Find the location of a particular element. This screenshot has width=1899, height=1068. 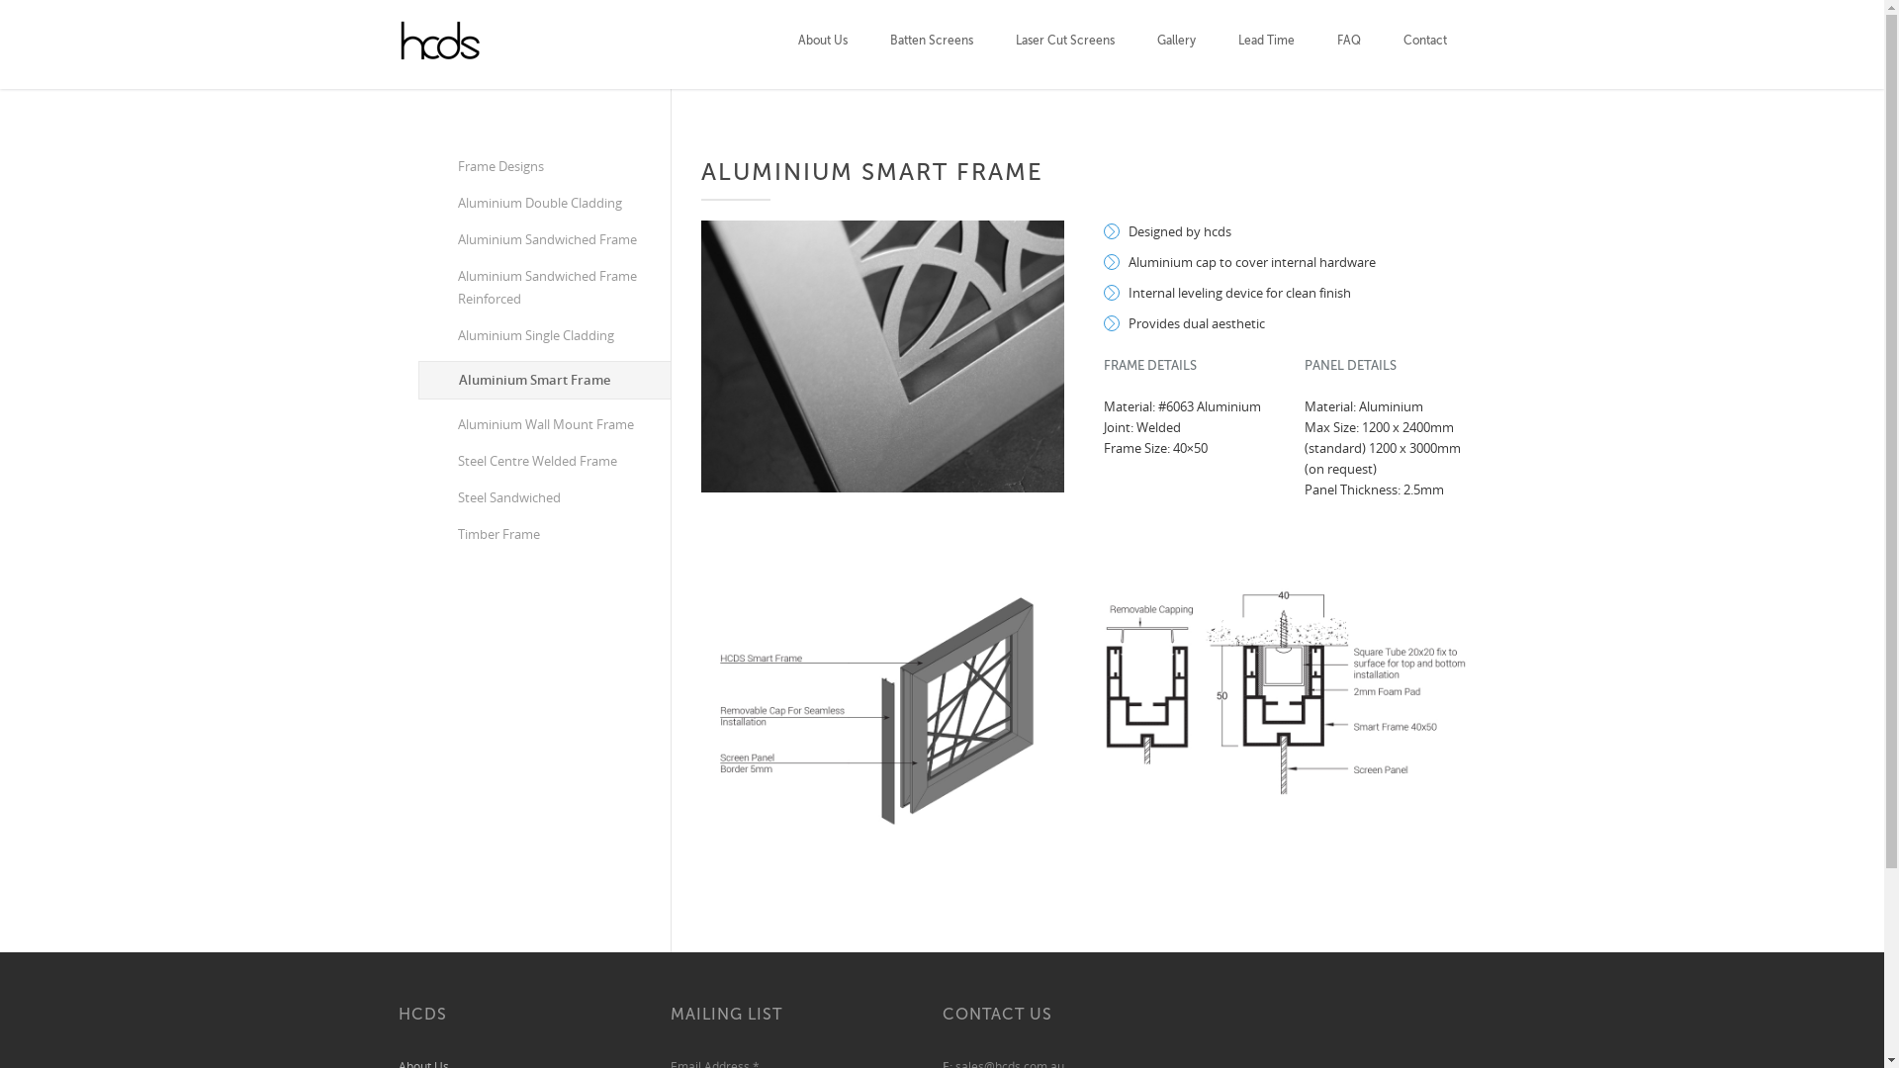

'Batten Screens' is located at coordinates (930, 44).